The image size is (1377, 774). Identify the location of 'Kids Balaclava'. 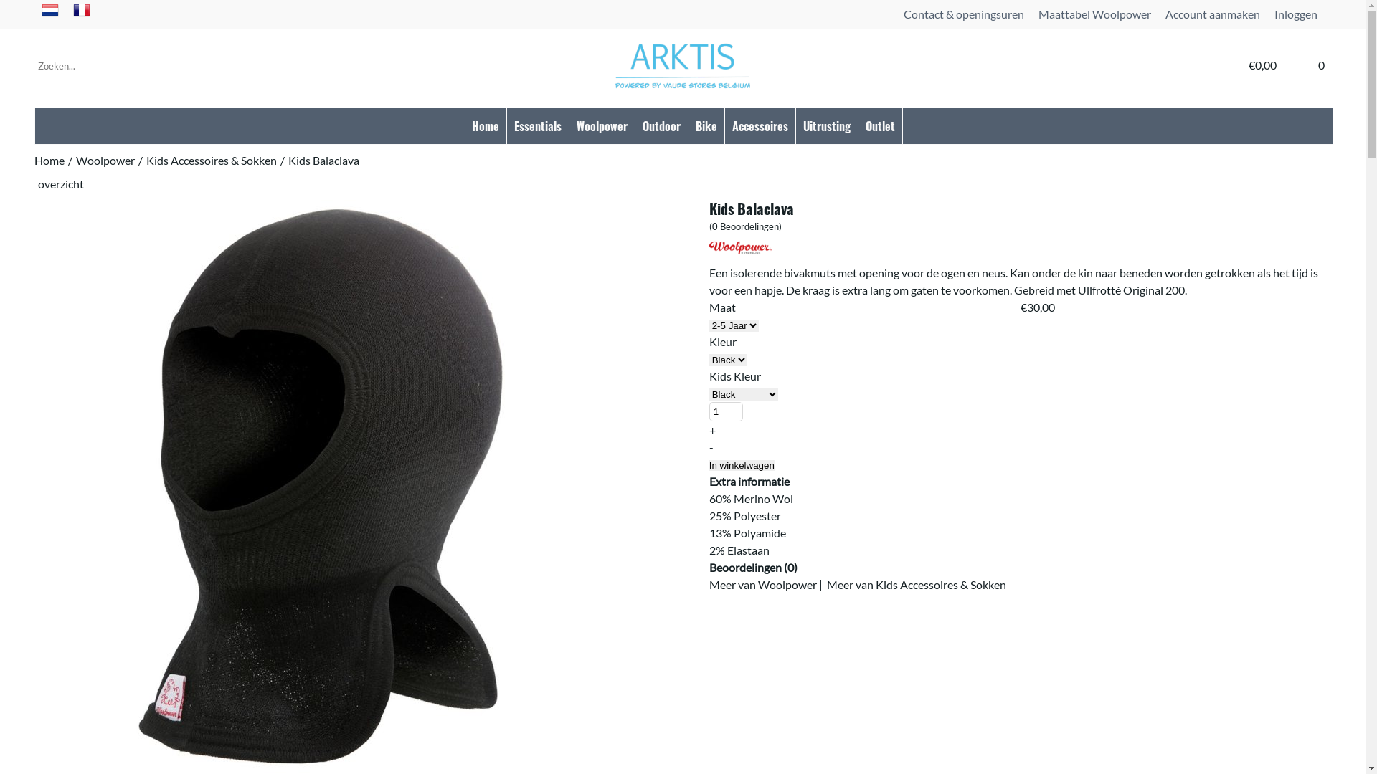
(323, 161).